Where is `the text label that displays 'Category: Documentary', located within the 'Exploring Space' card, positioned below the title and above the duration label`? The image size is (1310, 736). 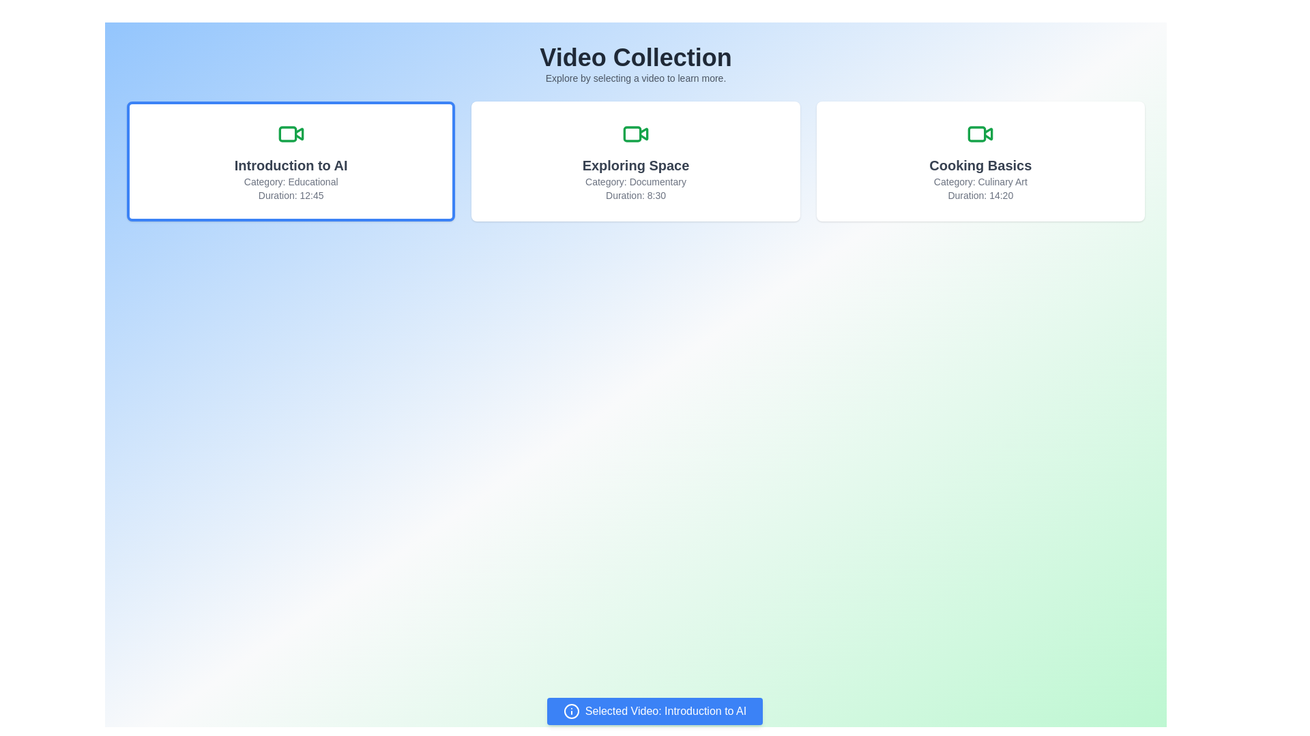
the text label that displays 'Category: Documentary', located within the 'Exploring Space' card, positioned below the title and above the duration label is located at coordinates (635, 181).